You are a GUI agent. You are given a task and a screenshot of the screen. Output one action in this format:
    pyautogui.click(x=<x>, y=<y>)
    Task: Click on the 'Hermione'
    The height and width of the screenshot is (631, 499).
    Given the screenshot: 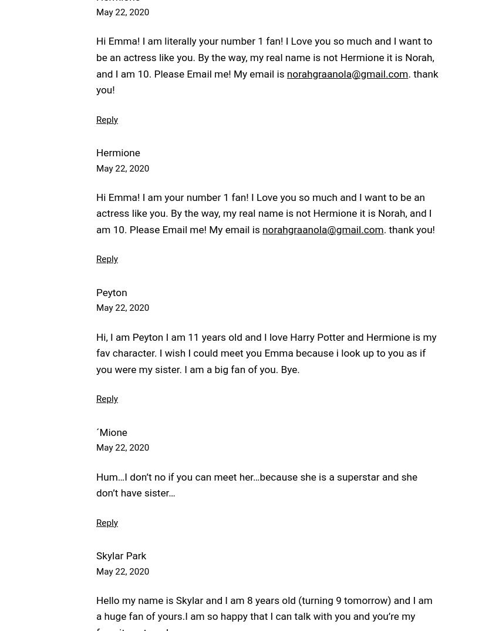 What is the action you would take?
    pyautogui.click(x=117, y=152)
    